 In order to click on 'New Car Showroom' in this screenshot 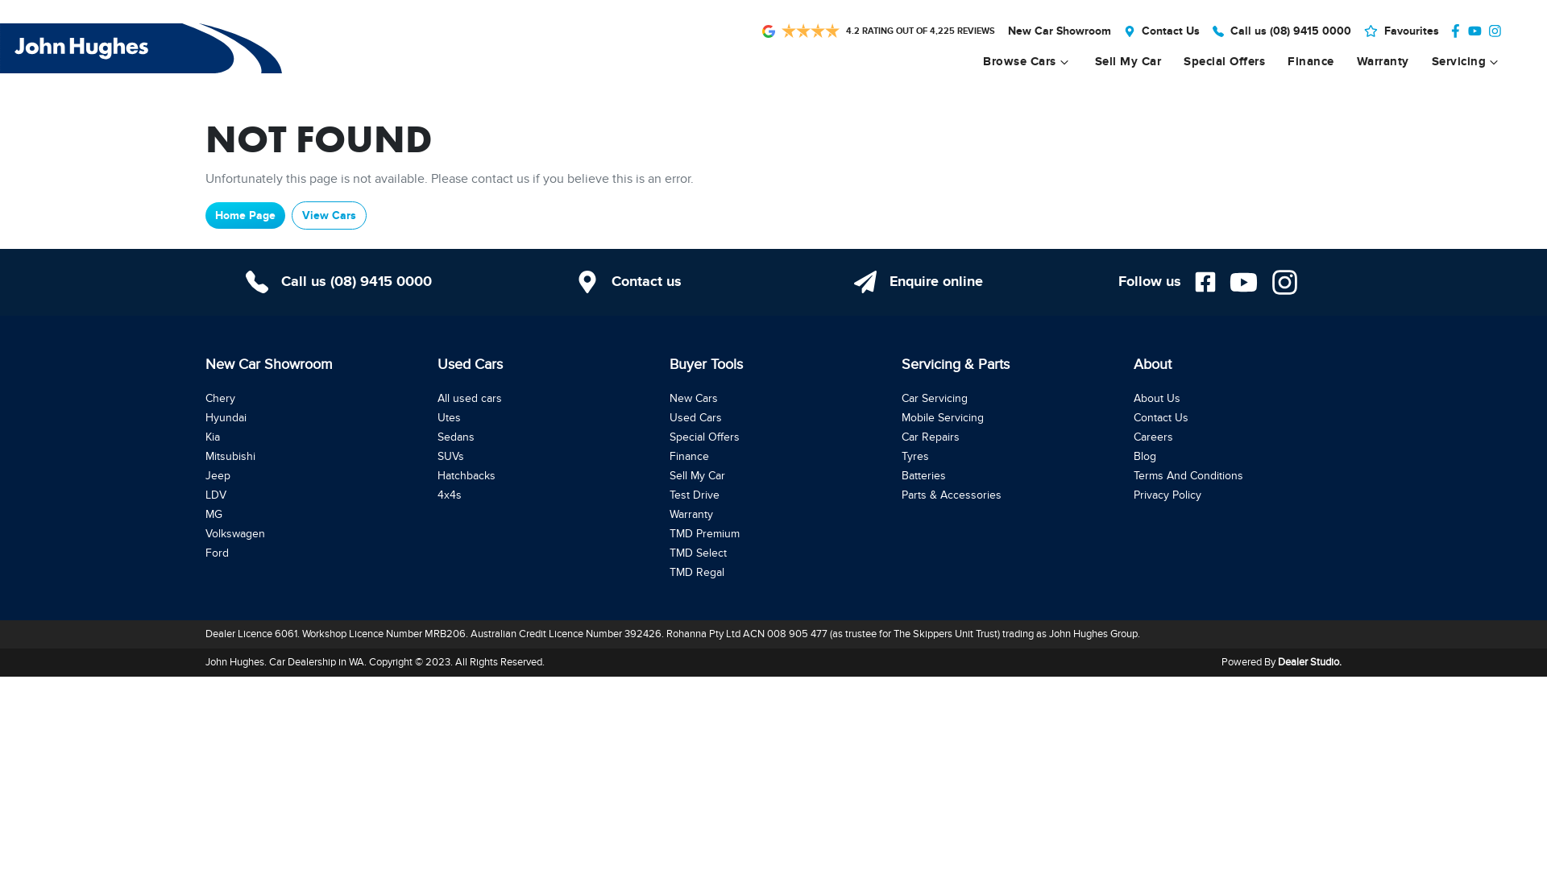, I will do `click(1060, 31)`.